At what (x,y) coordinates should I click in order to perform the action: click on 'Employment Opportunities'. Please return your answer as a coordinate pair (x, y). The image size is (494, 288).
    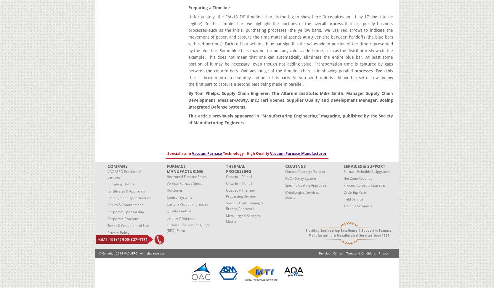
    Looking at the image, I should click on (107, 198).